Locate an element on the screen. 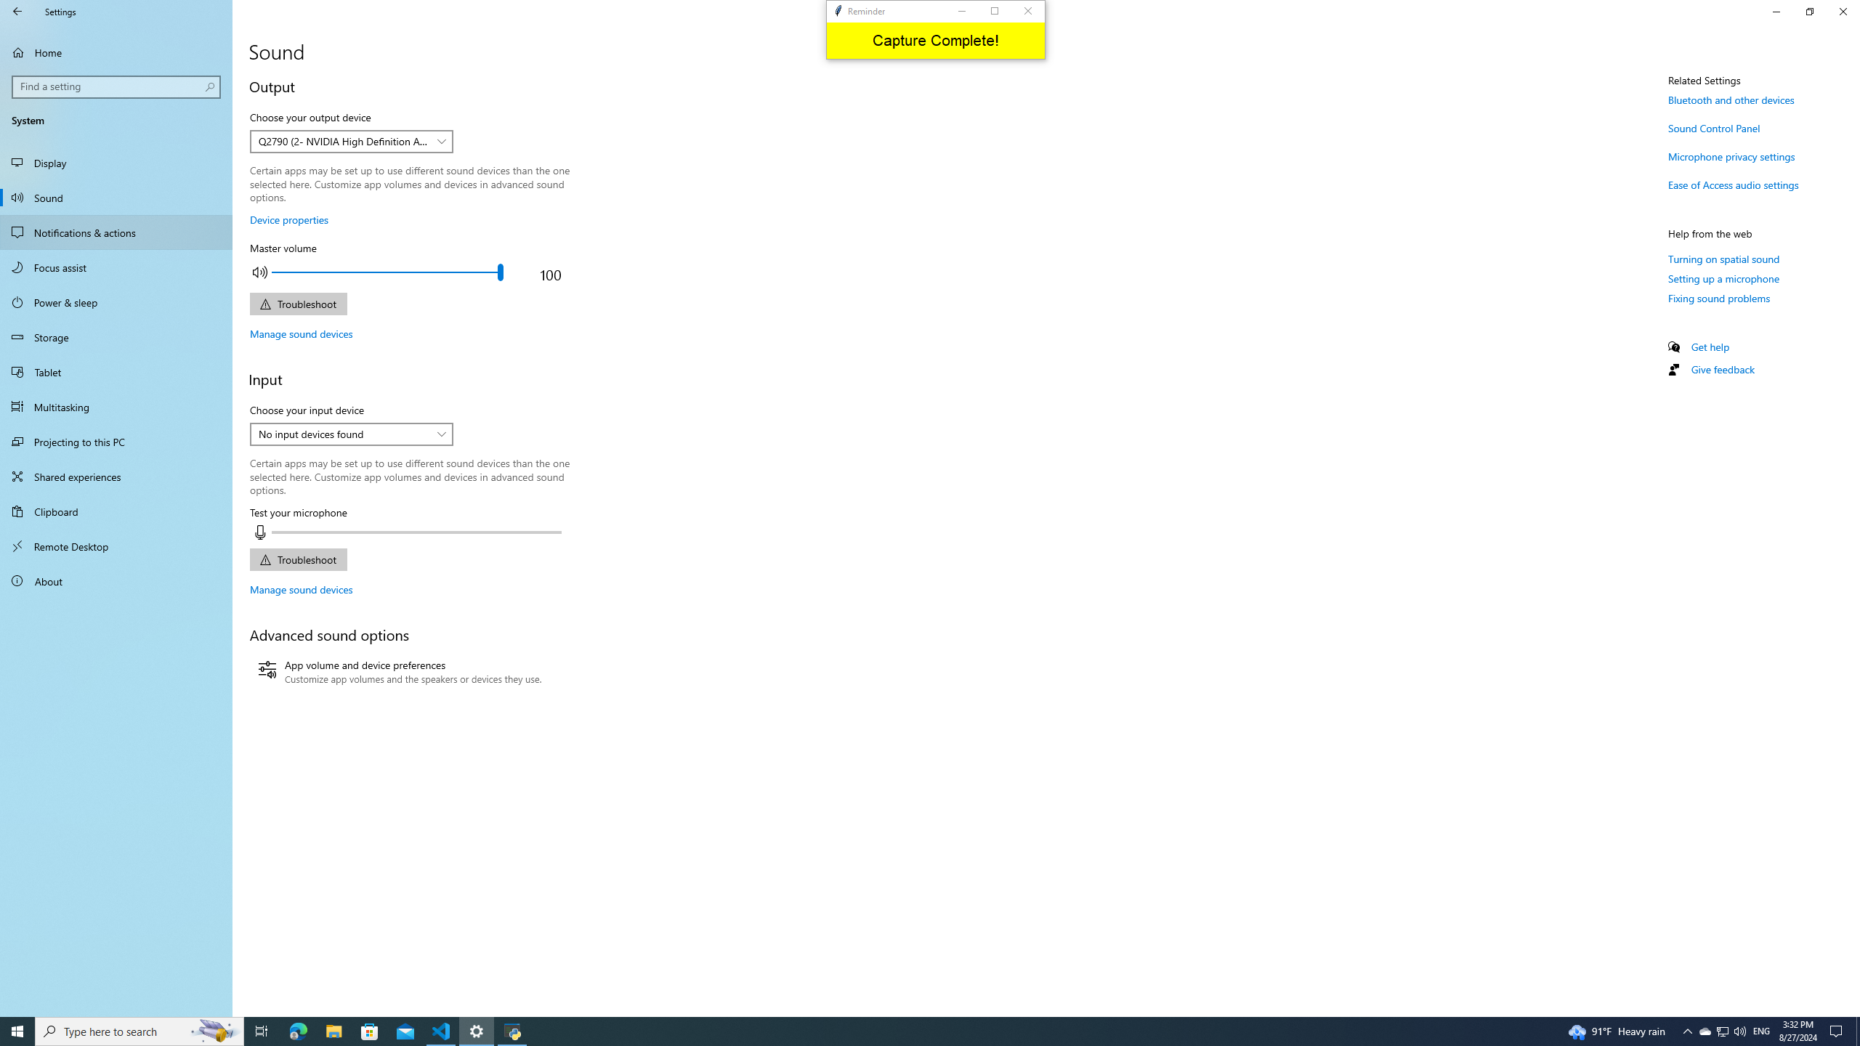 This screenshot has width=1860, height=1046. 'Choose your output device' is located at coordinates (350, 142).